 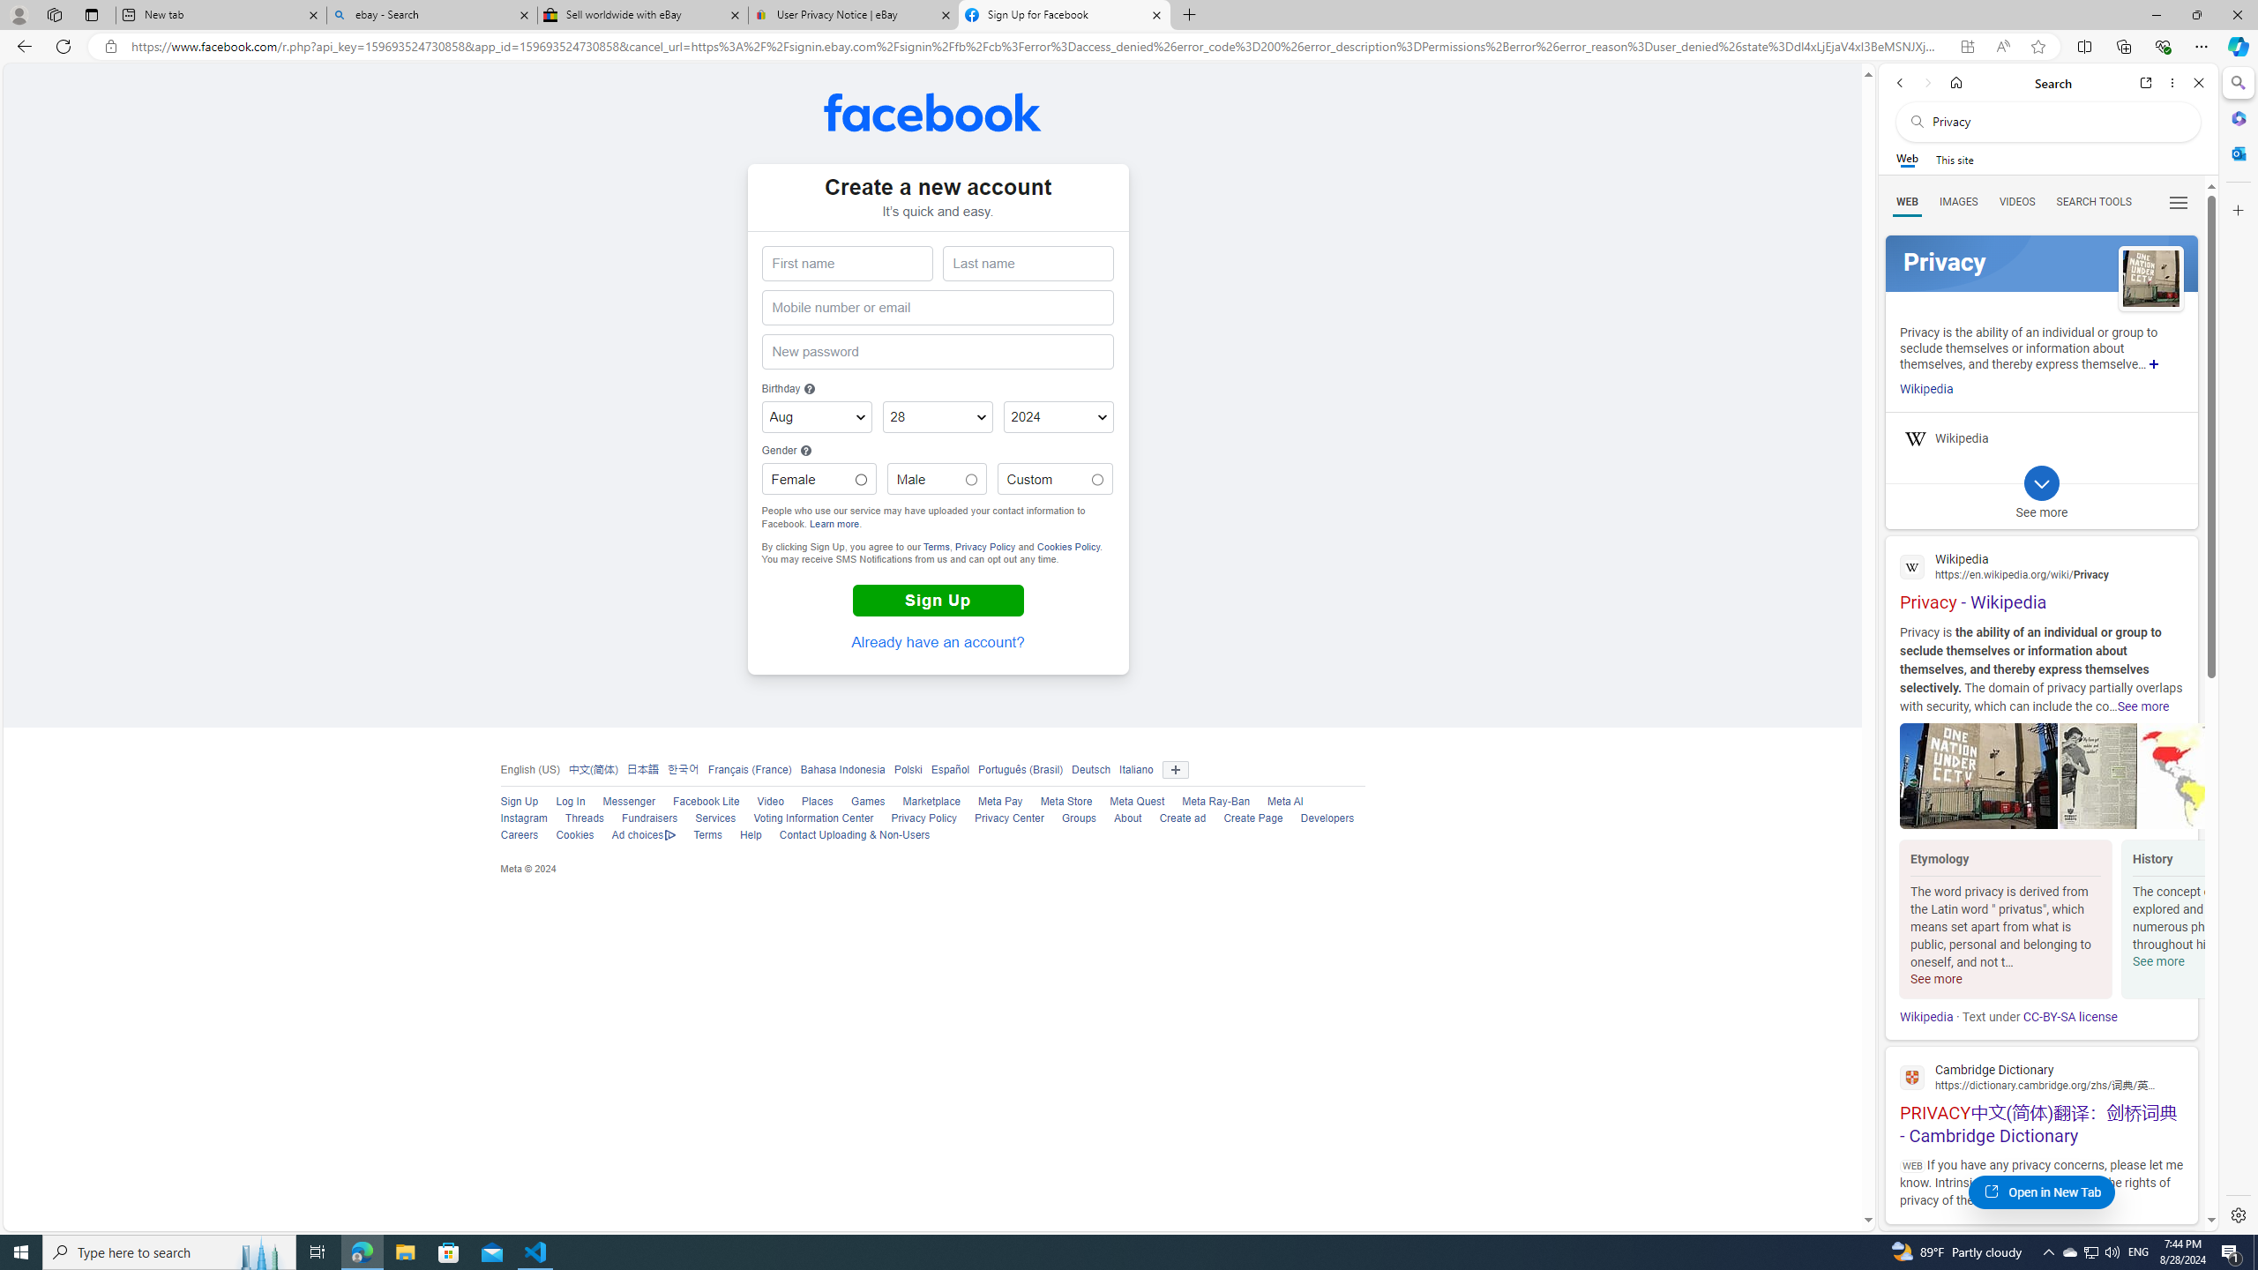 I want to click on 'Deutsch', so click(x=1090, y=769).